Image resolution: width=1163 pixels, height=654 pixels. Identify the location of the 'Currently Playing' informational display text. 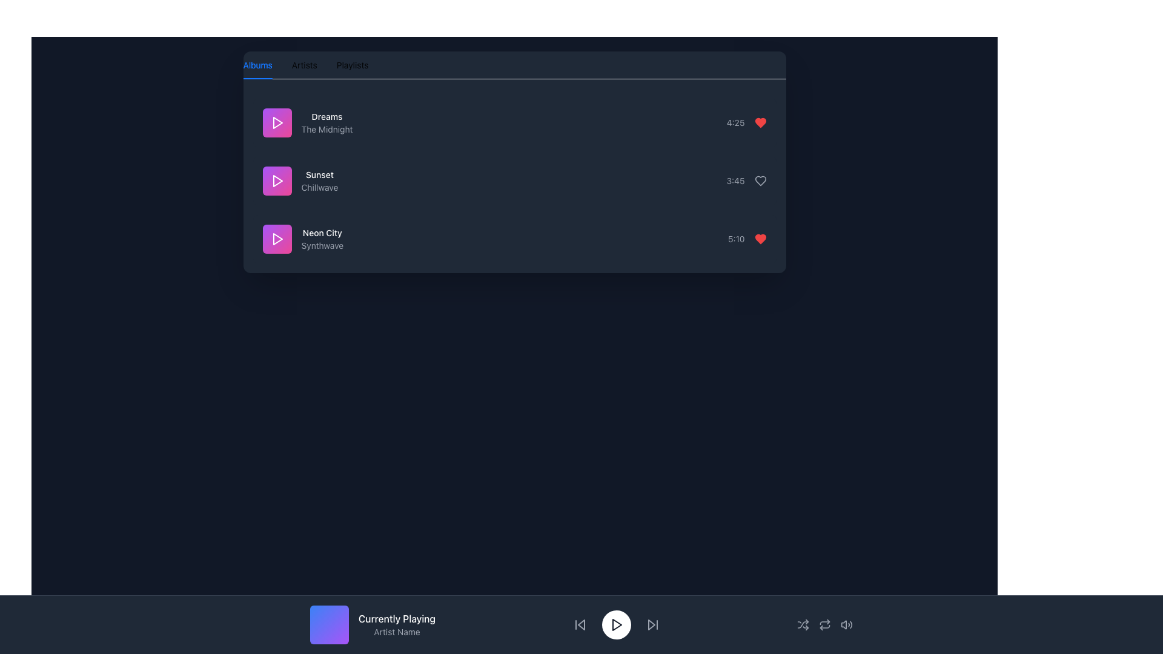
(372, 625).